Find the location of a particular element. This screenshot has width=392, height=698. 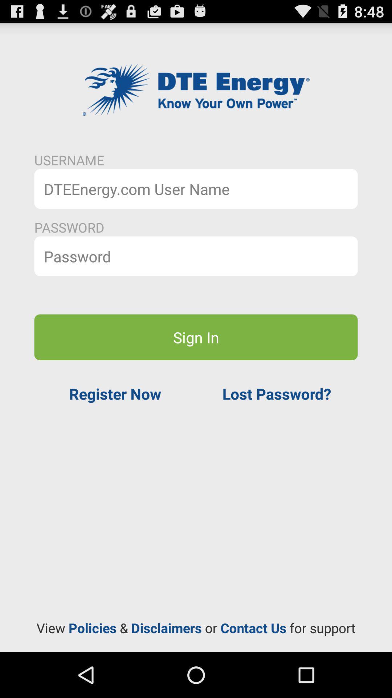

the app next to the register now item is located at coordinates (277, 393).